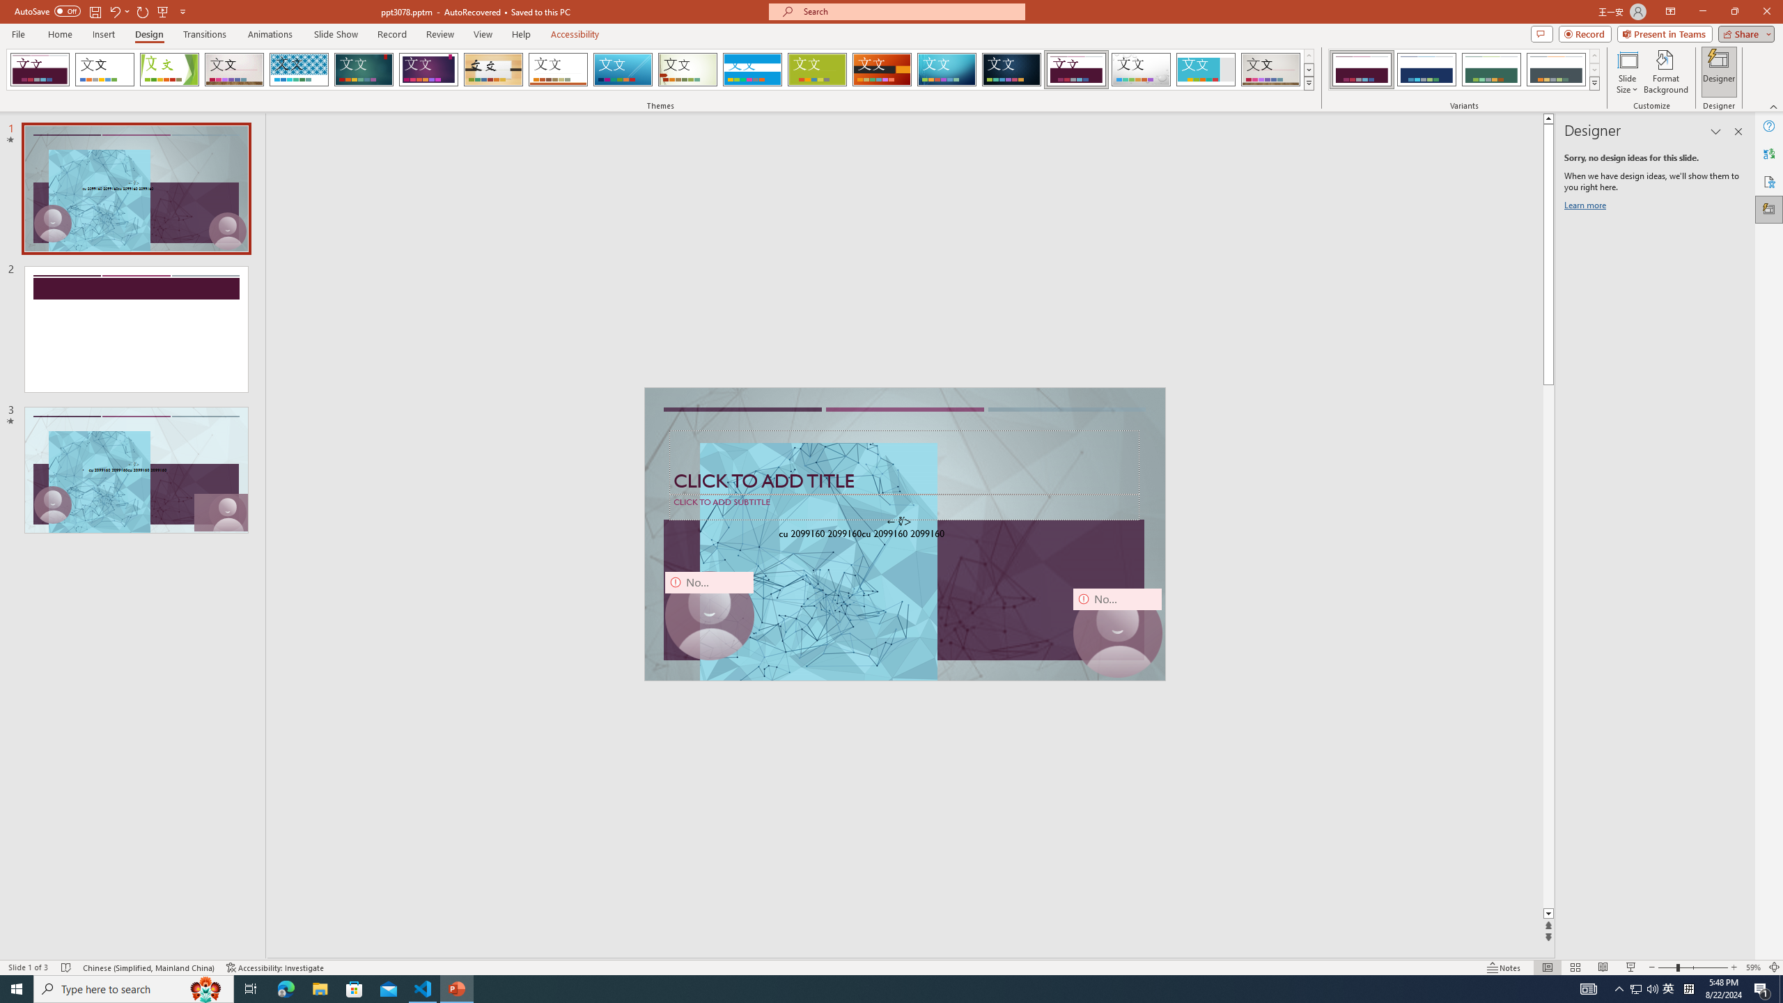 This screenshot has height=1003, width=1783. What do you see at coordinates (299, 69) in the screenshot?
I see `'Integral'` at bounding box center [299, 69].